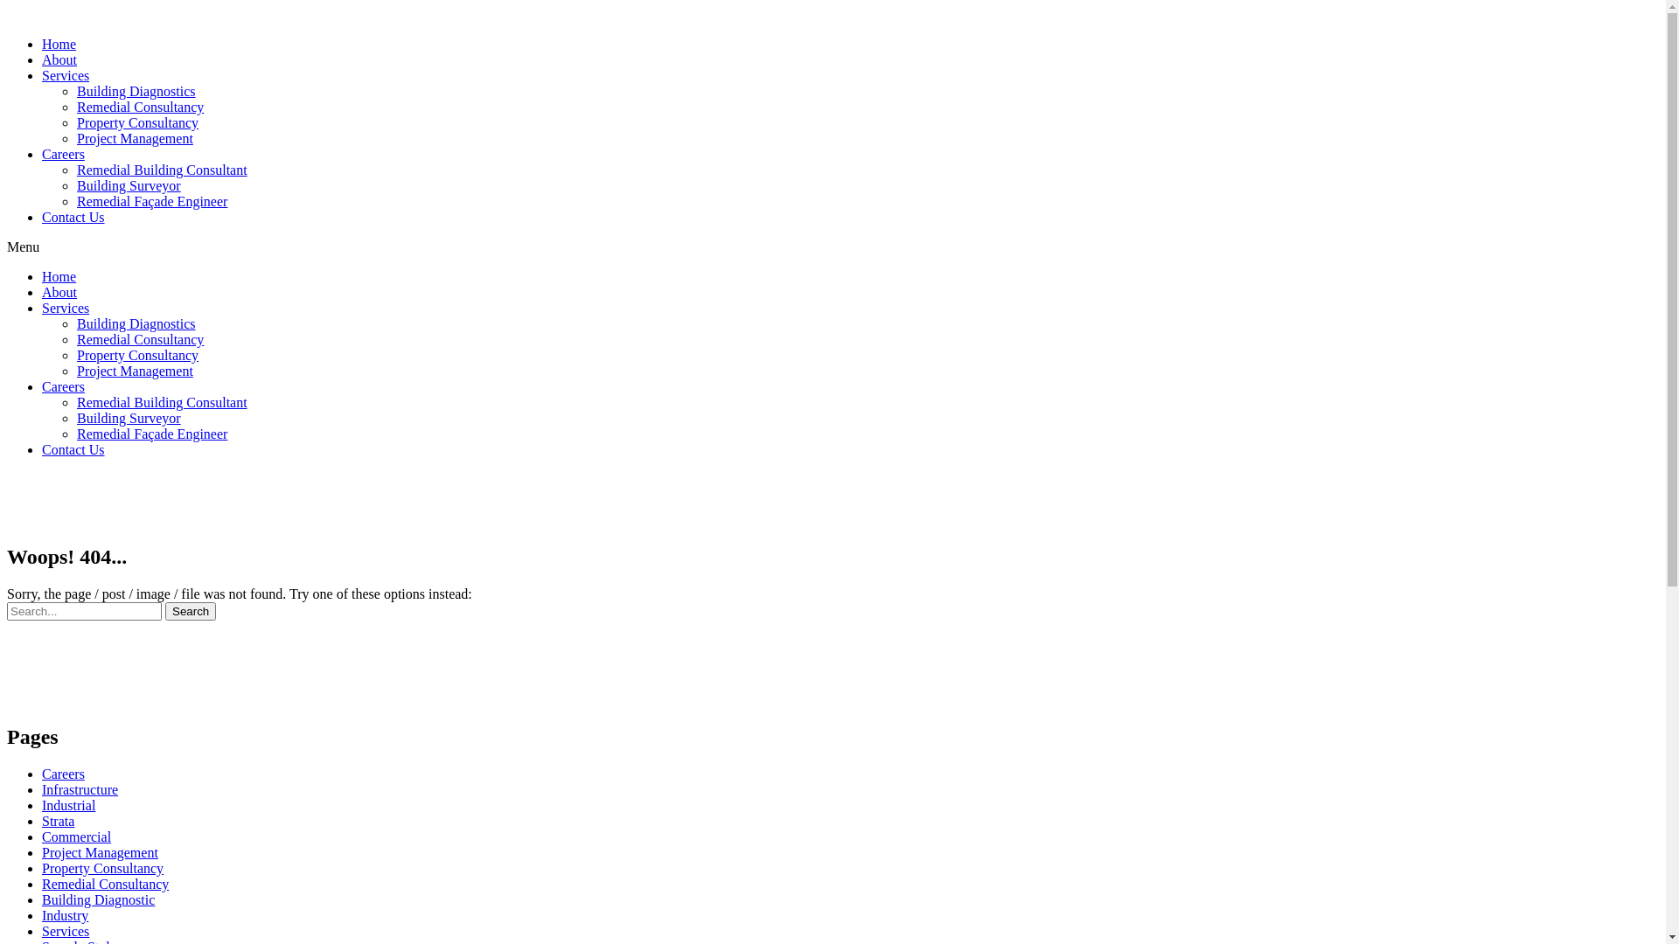  Describe the element at coordinates (134, 137) in the screenshot. I see `'Project Management'` at that location.